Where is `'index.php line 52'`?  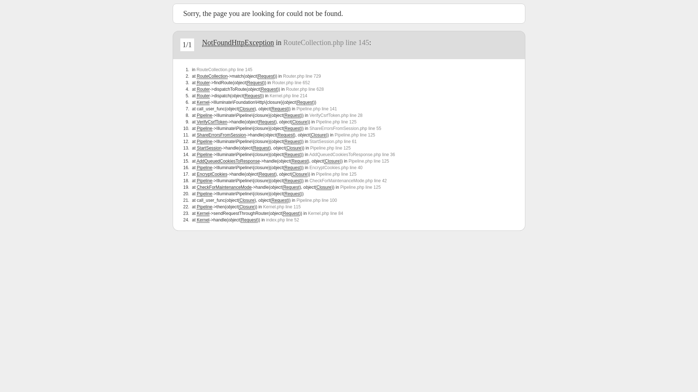 'index.php line 52' is located at coordinates (282, 219).